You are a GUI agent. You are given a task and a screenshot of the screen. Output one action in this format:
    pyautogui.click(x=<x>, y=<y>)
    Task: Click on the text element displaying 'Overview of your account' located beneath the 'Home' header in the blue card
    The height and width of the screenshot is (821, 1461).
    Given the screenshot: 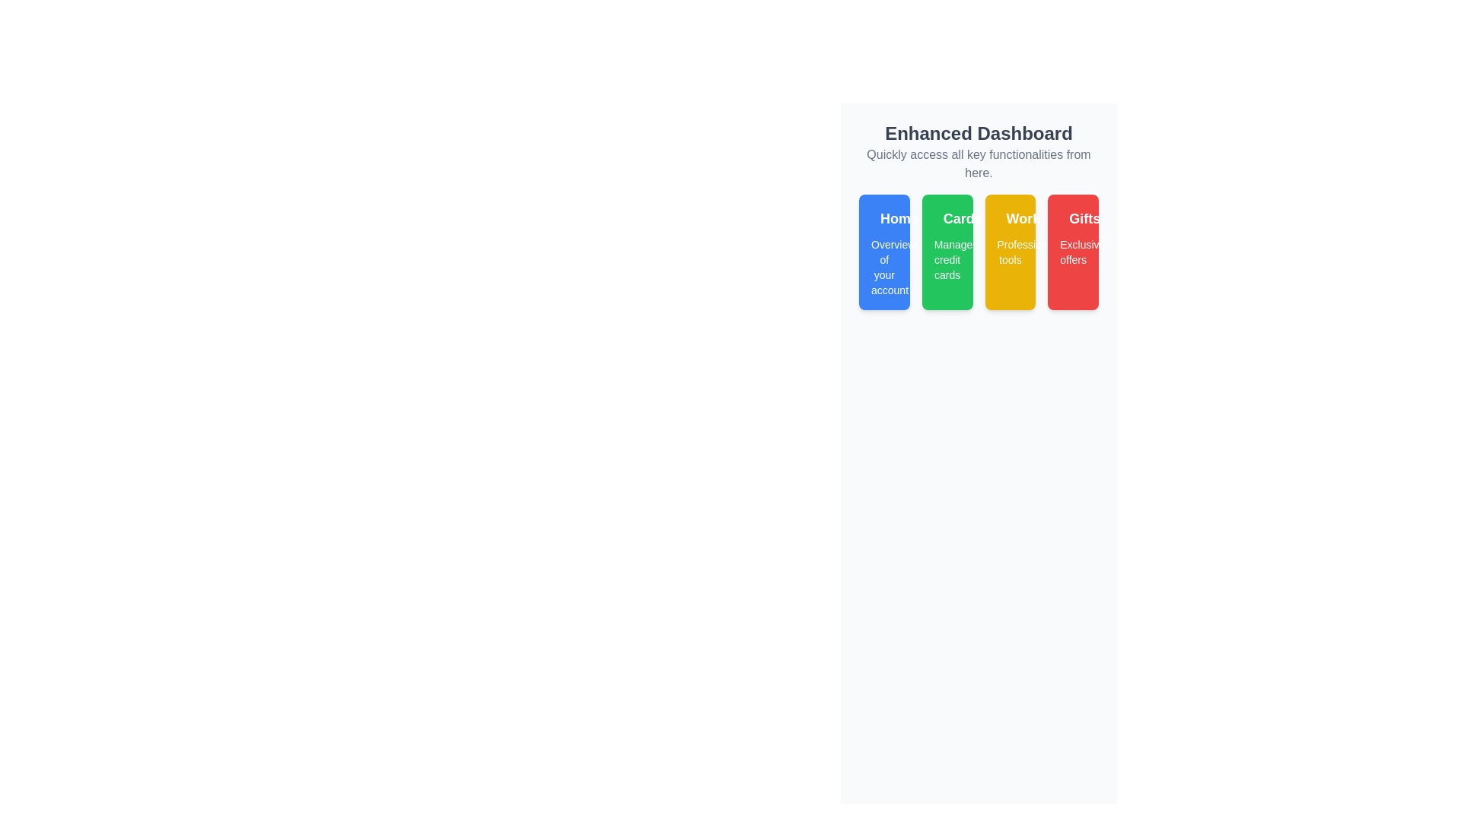 What is the action you would take?
    pyautogui.click(x=884, y=266)
    